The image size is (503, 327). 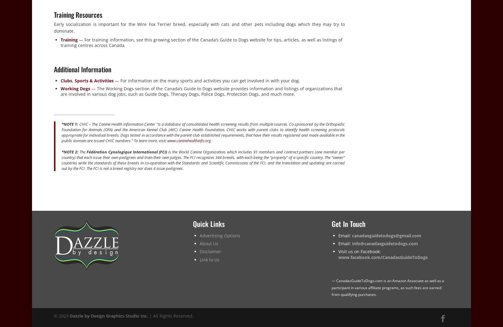 What do you see at coordinates (70, 123) in the screenshot?
I see `'*NOTE 1:'` at bounding box center [70, 123].